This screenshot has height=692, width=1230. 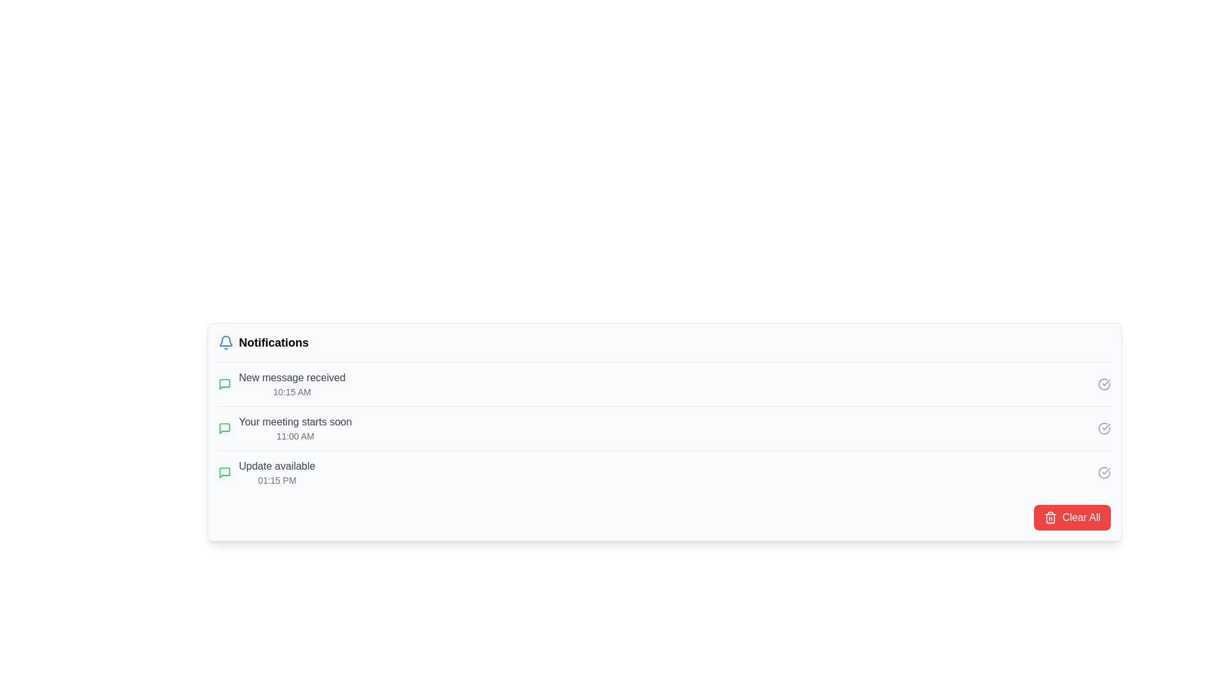 I want to click on text of the first notification item in the notifications list, which conveys the receipt of a new message and the time it was received, so click(x=291, y=384).